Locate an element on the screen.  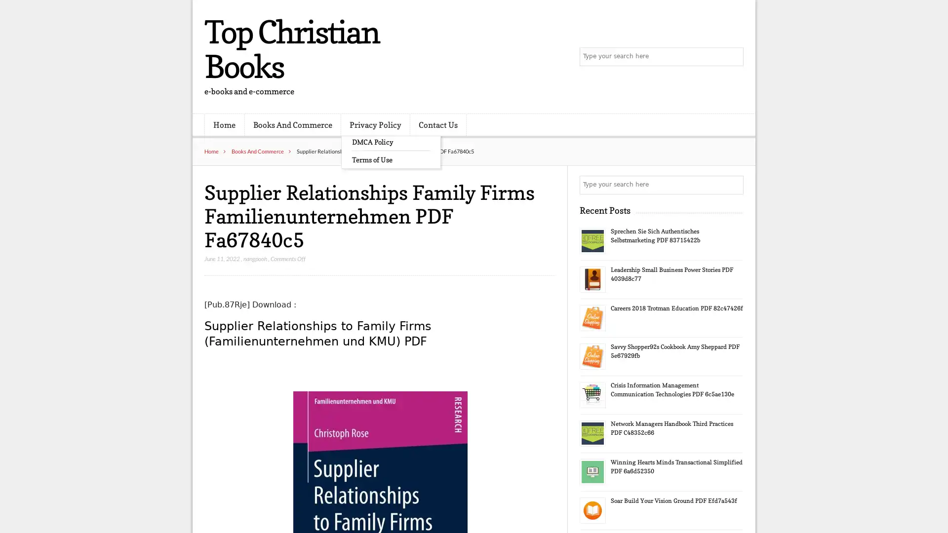
Search is located at coordinates (733, 185).